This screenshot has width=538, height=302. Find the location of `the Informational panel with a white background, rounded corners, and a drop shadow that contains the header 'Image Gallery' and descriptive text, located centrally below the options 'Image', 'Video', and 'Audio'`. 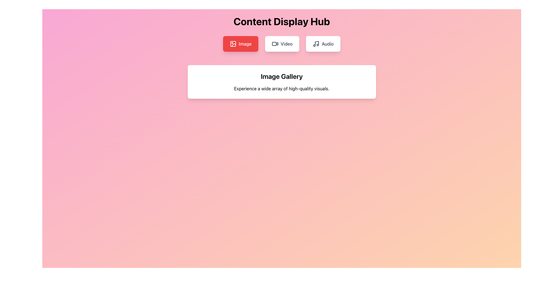

the Informational panel with a white background, rounded corners, and a drop shadow that contains the header 'Image Gallery' and descriptive text, located centrally below the options 'Image', 'Video', and 'Audio' is located at coordinates (282, 82).